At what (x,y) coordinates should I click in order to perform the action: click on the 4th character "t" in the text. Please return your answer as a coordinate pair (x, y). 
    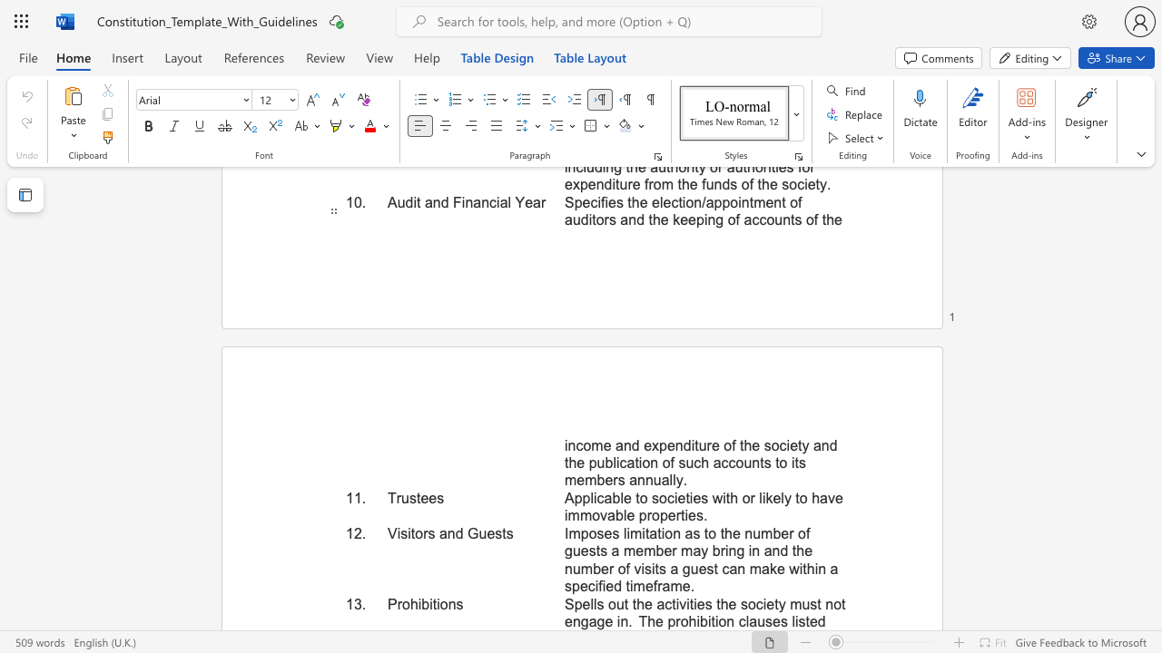
    Looking at the image, I should click on (797, 498).